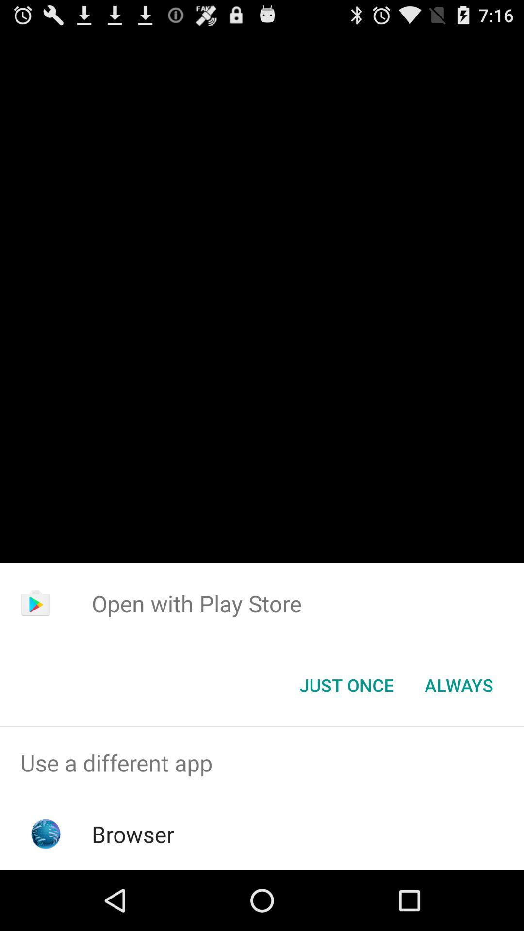 Image resolution: width=524 pixels, height=931 pixels. Describe the element at coordinates (262, 762) in the screenshot. I see `use a different app` at that location.